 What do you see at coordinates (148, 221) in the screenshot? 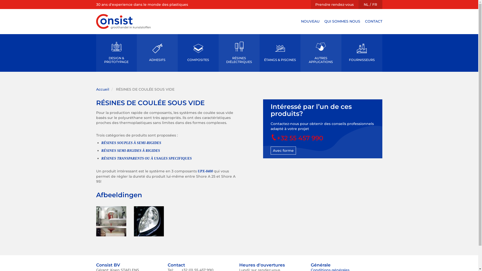
I see `'Glace de phare en PX5212'` at bounding box center [148, 221].